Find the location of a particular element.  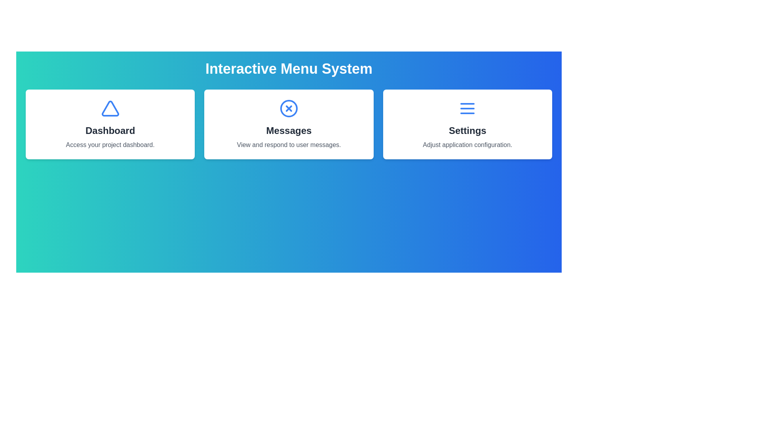

text label that indicates 'Settings', which serves as the title of the configuration card located in the third card from the left is located at coordinates (467, 130).